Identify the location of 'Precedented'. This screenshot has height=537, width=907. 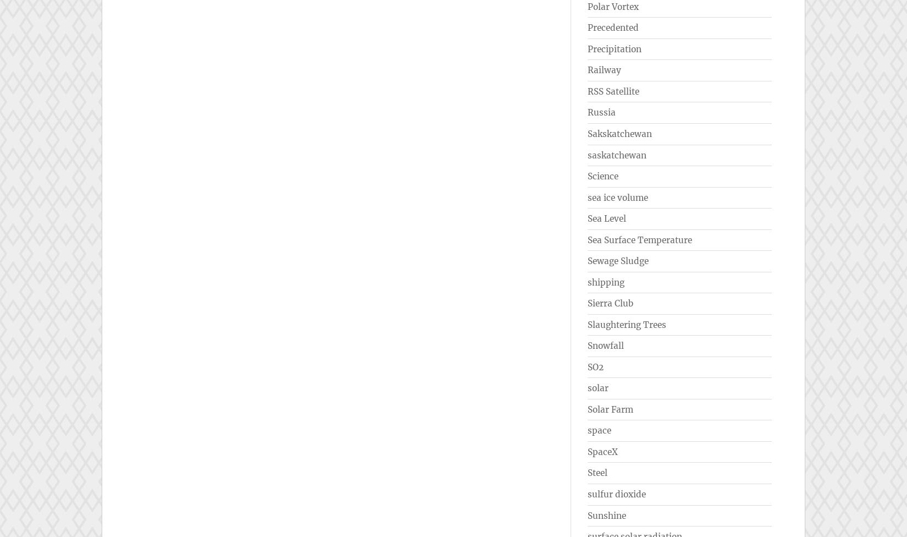
(613, 28).